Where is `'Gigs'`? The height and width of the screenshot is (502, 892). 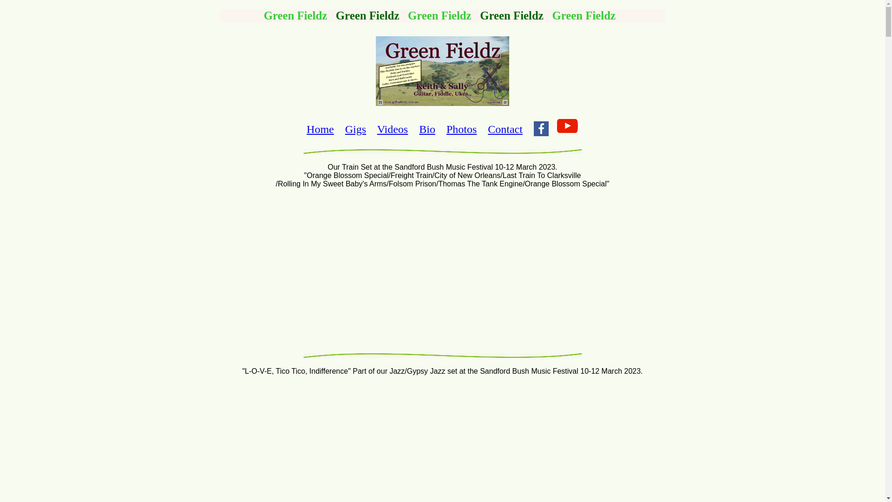 'Gigs' is located at coordinates (355, 129).